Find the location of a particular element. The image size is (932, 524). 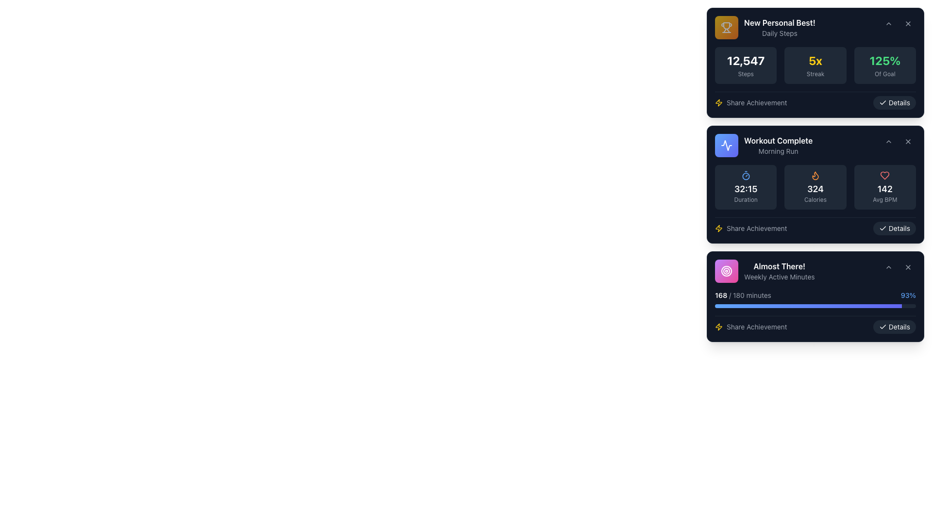

the checkmark icon within the round-cornered button labeled 'Details', located at the bottom-right corner of the 'Workout Complete' card, for its state indication is located at coordinates (882, 327).